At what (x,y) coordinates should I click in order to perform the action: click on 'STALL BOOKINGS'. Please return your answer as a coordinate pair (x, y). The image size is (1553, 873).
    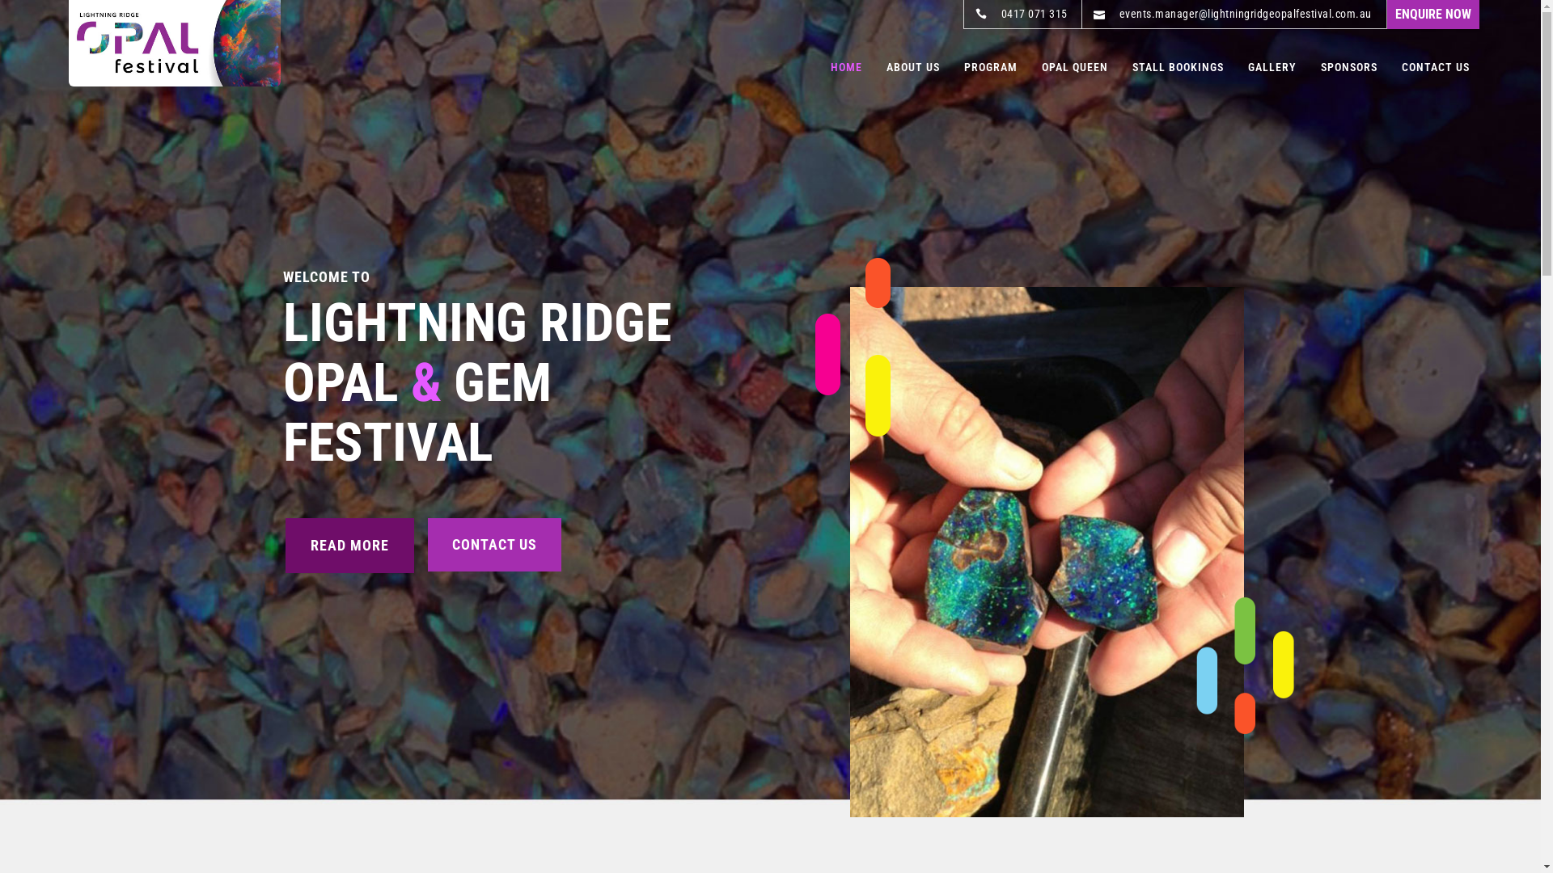
    Looking at the image, I should click on (1178, 66).